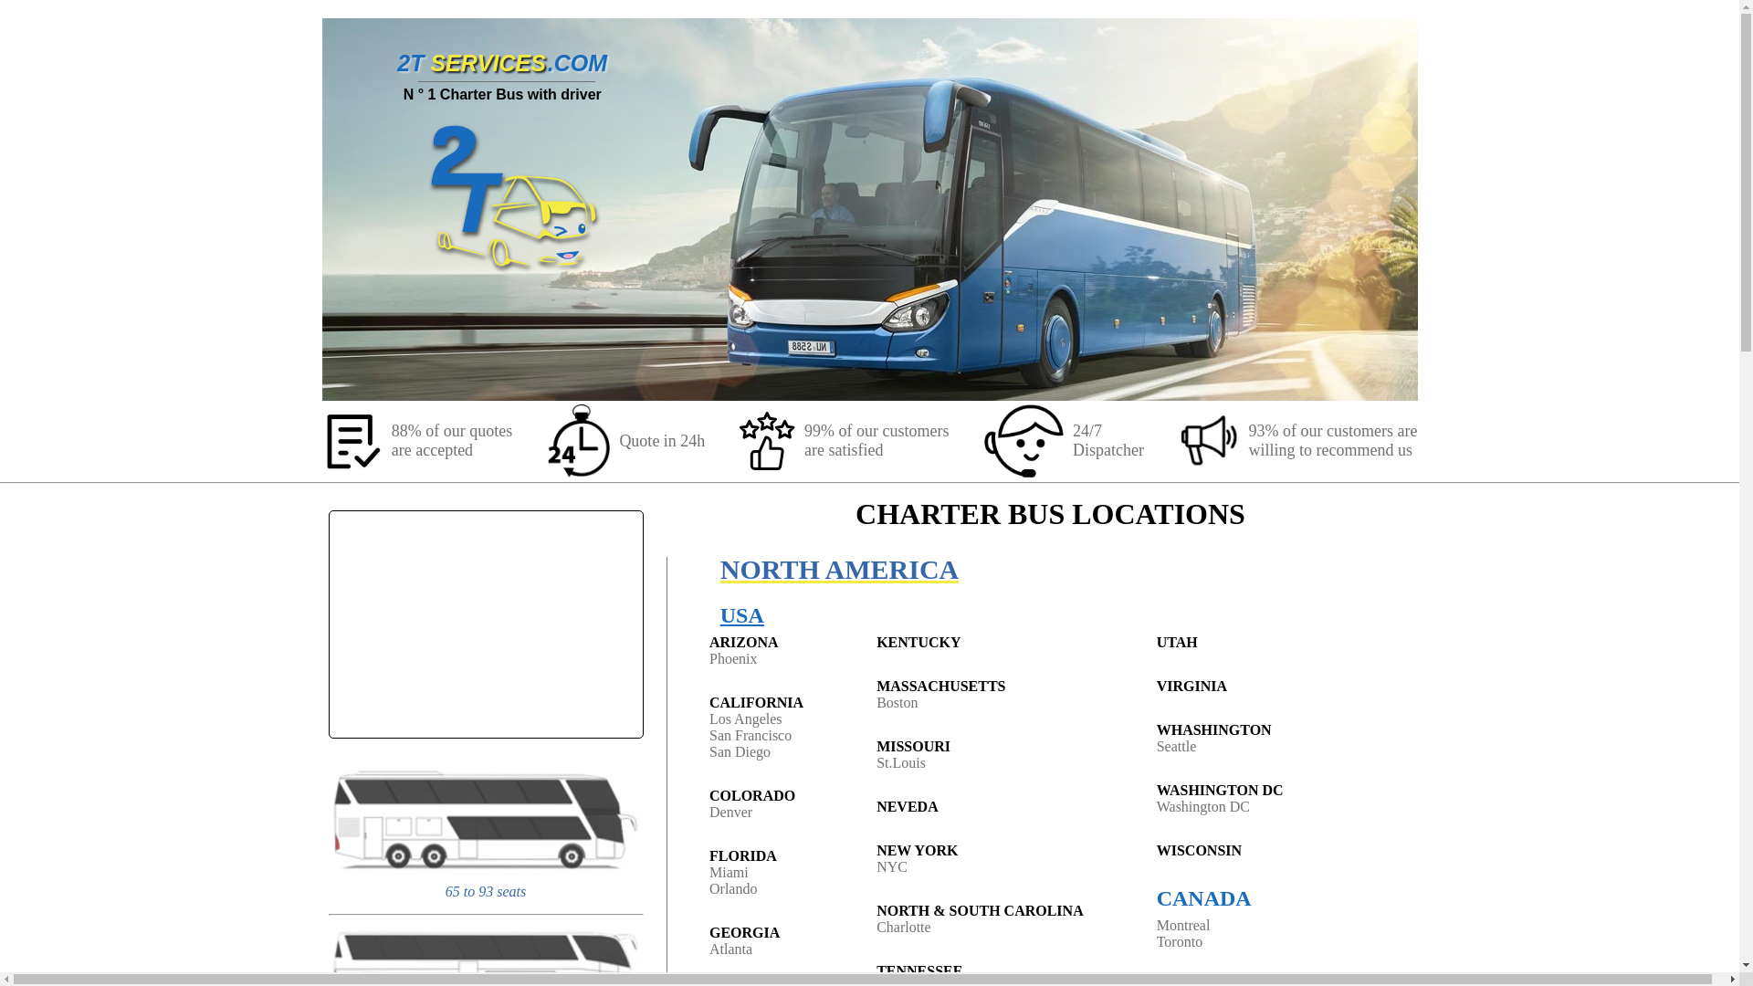  Describe the element at coordinates (743, 855) in the screenshot. I see `'FLORIDA'` at that location.